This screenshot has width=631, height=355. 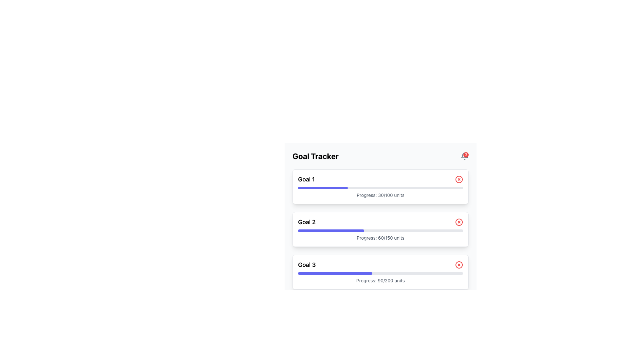 I want to click on text content from the Text Label that displays the progress of a goal, located centrally below the progress bar, so click(x=380, y=280).